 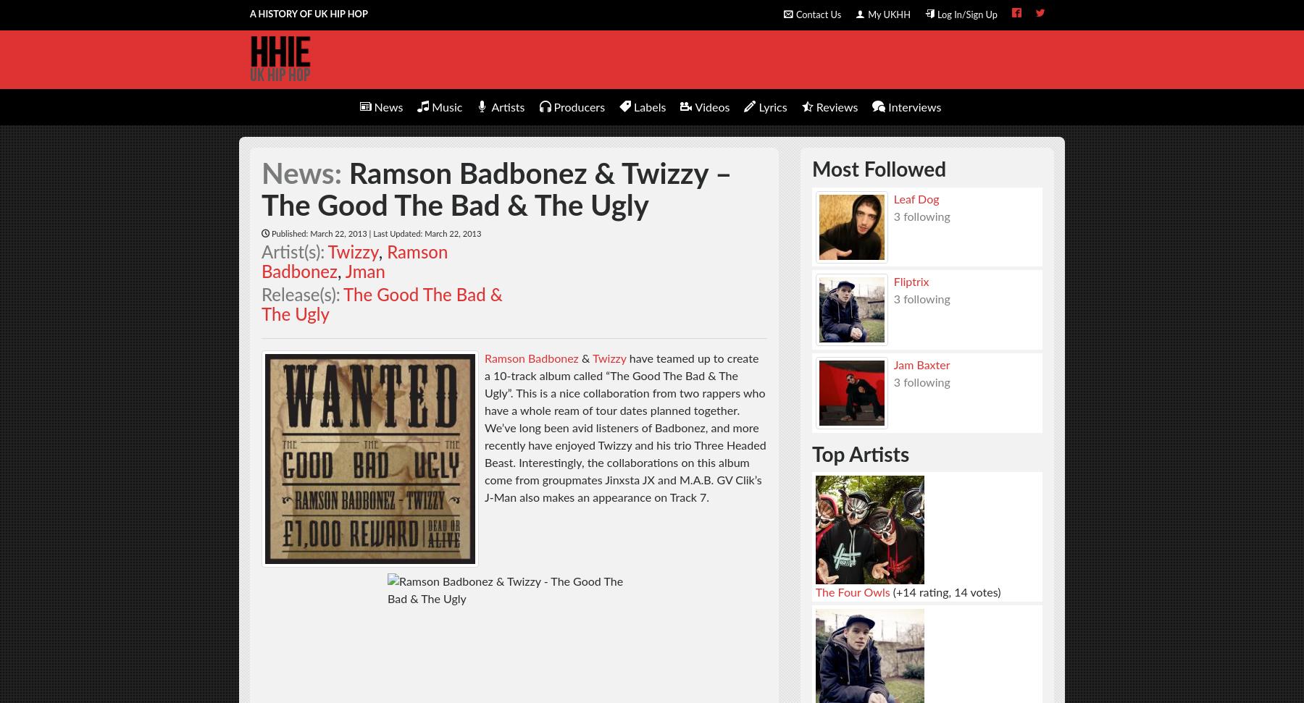 I want to click on 'Videos', so click(x=711, y=106).